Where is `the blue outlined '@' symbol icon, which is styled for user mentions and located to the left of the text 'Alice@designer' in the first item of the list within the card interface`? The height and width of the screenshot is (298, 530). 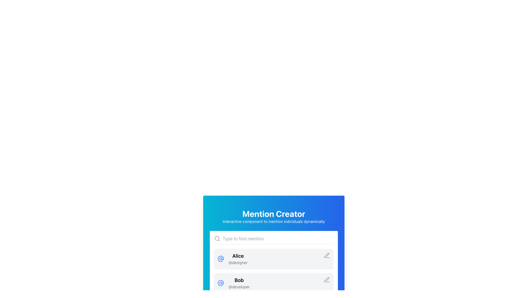
the blue outlined '@' symbol icon, which is styled for user mentions and located to the left of the text 'Alice@designer' in the first item of the list within the card interface is located at coordinates (221, 259).